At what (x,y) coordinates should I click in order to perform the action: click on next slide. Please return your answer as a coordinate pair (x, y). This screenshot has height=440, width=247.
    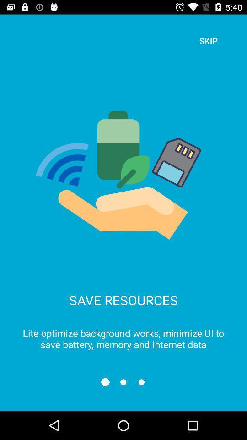
    Looking at the image, I should click on (123, 382).